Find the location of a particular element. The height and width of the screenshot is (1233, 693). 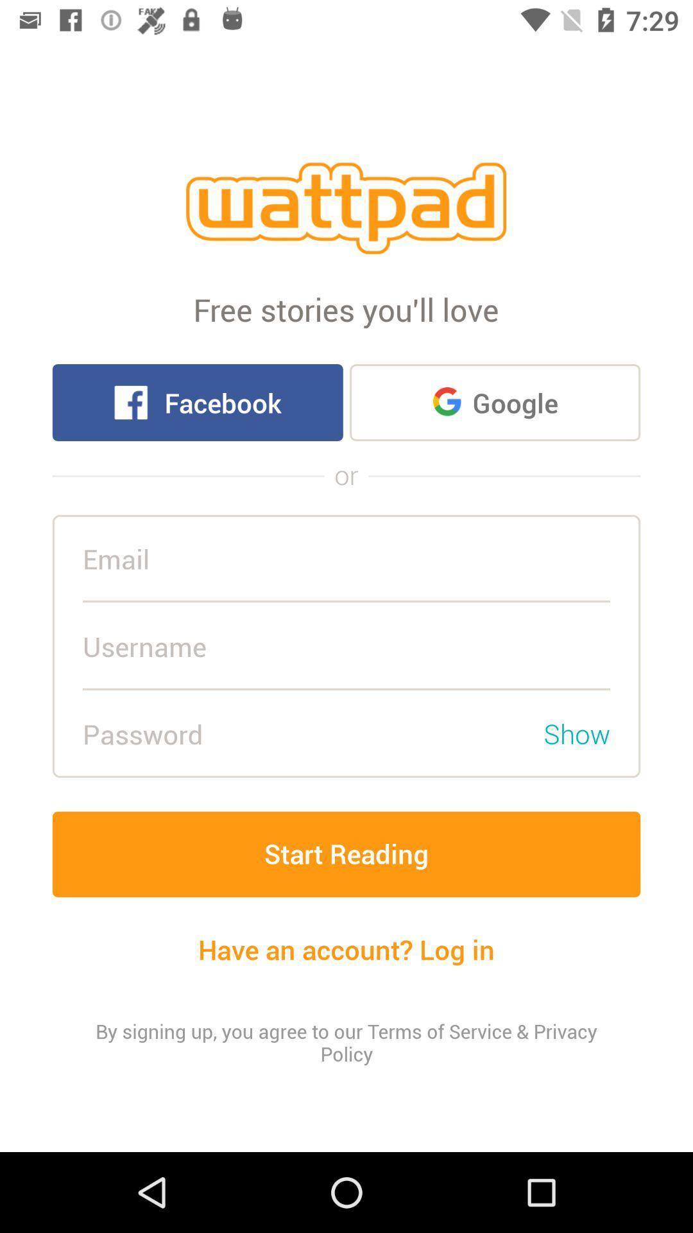

the declaration text at the bottom is located at coordinates (346, 1042).